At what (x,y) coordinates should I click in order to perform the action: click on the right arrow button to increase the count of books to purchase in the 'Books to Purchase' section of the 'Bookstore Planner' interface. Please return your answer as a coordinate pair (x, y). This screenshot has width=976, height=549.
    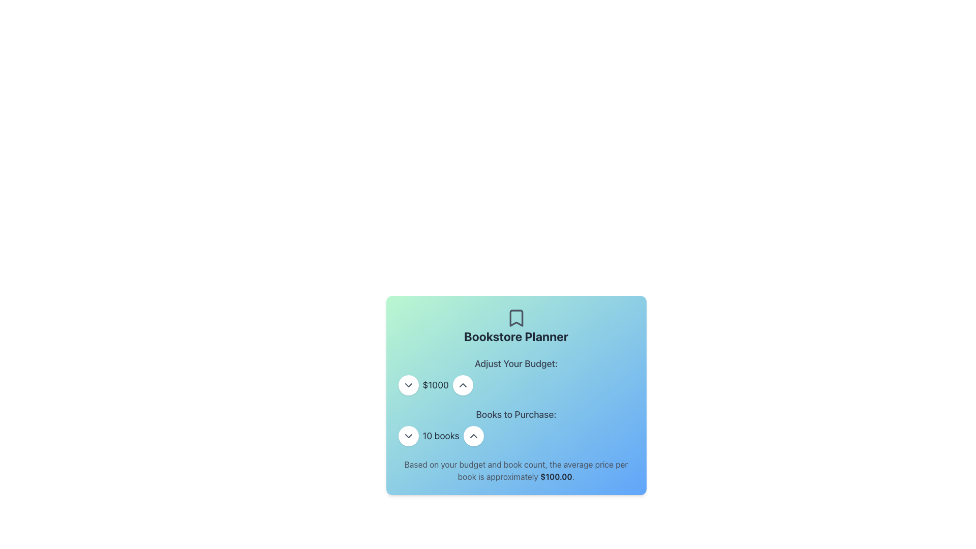
    Looking at the image, I should click on (516, 435).